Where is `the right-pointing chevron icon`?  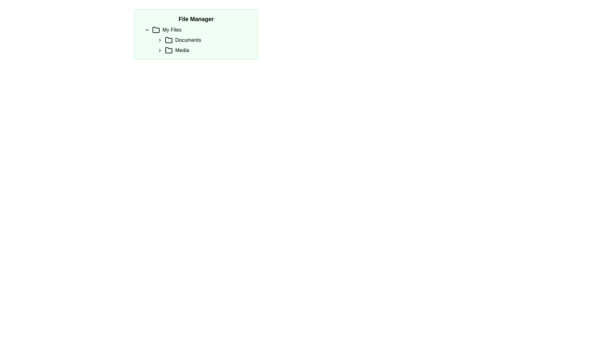
the right-pointing chevron icon is located at coordinates (160, 40).